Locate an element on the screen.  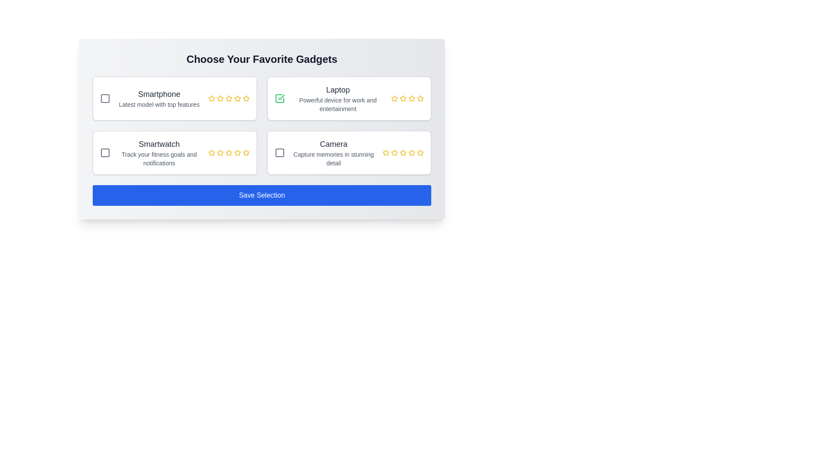
the fifth star icon in the rating system for the 'Smartwatch' card is located at coordinates (245, 152).